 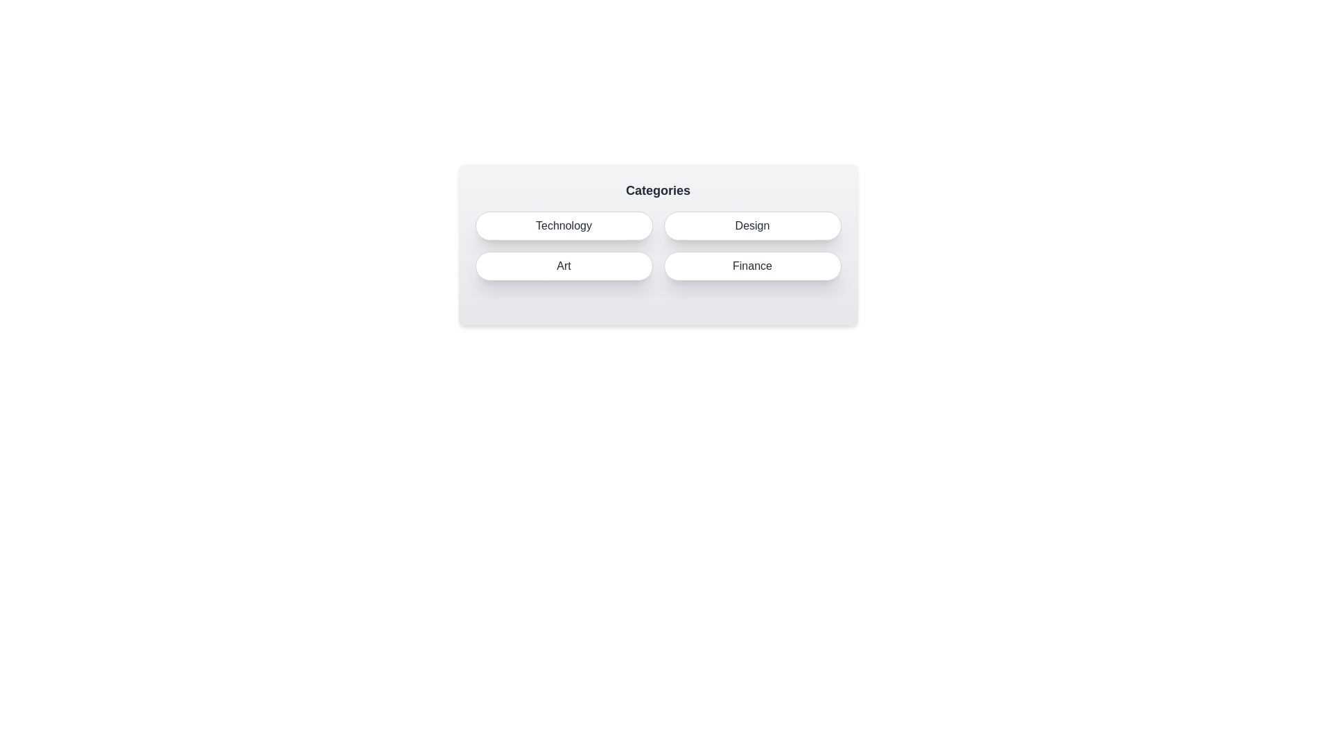 I want to click on the Finance button to select it, so click(x=751, y=266).